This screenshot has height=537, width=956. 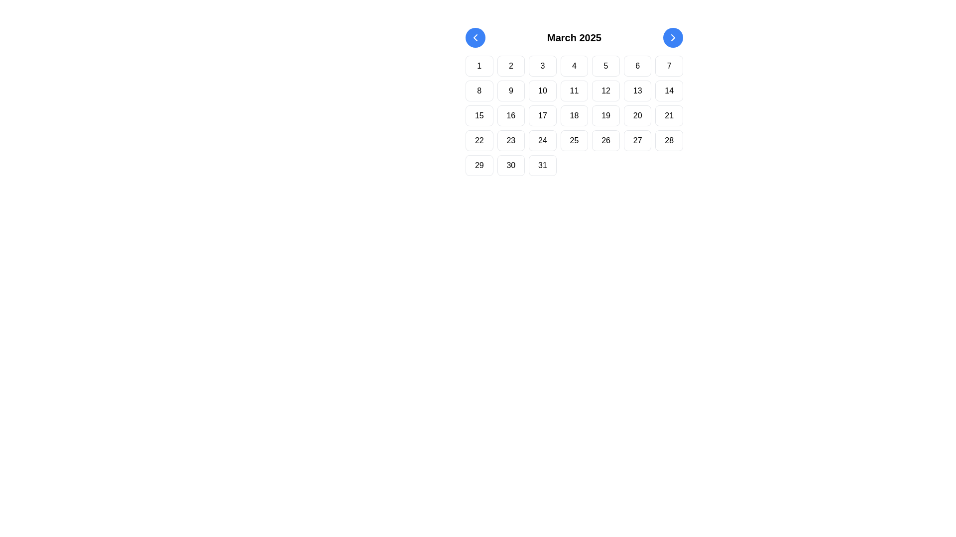 What do you see at coordinates (542, 90) in the screenshot?
I see `the button representing the date '10' in the calendar interface` at bounding box center [542, 90].